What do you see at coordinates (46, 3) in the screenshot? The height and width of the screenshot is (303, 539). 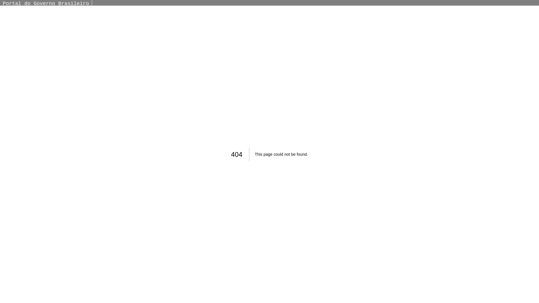 I see `'Portal do Governo Brasileiro'` at bounding box center [46, 3].